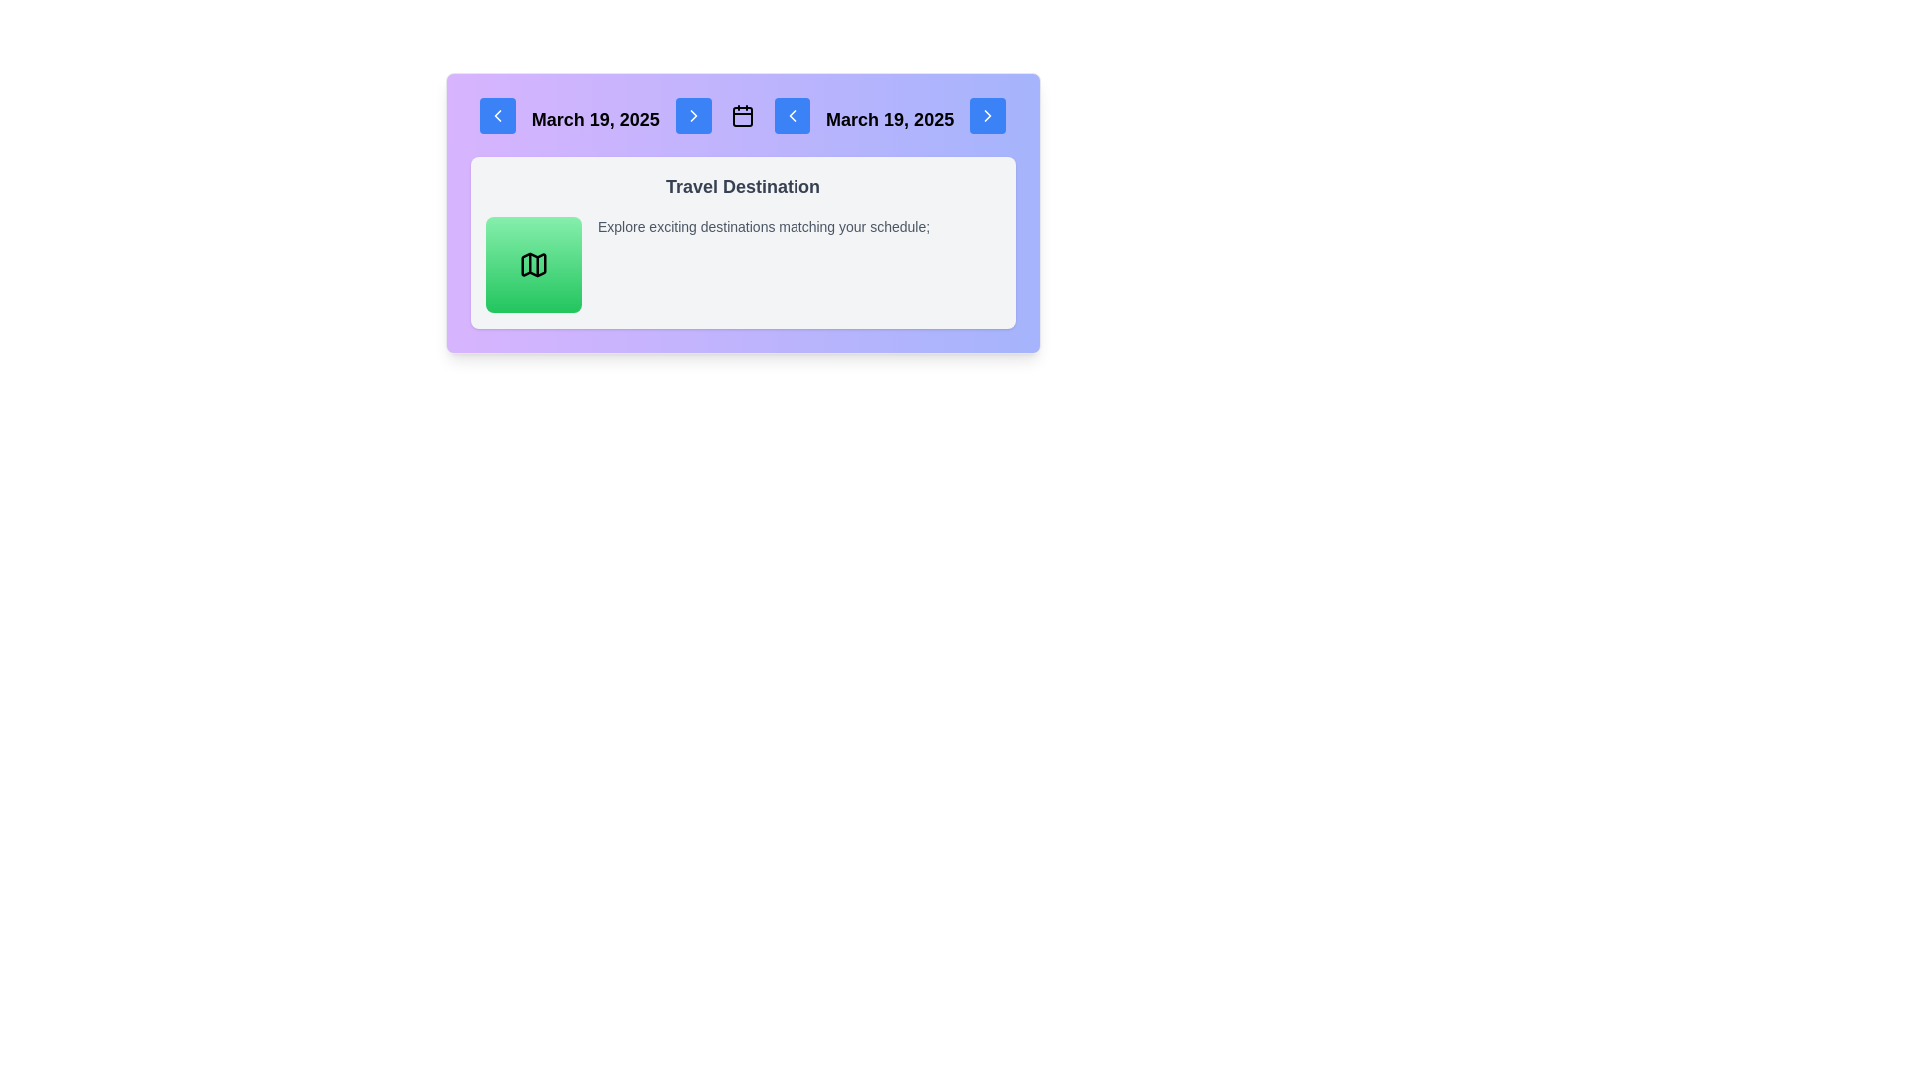 This screenshot has height=1076, width=1914. I want to click on the map icon, which is centrally located within a green square button on the left side of the travel destinations panel, so click(534, 264).